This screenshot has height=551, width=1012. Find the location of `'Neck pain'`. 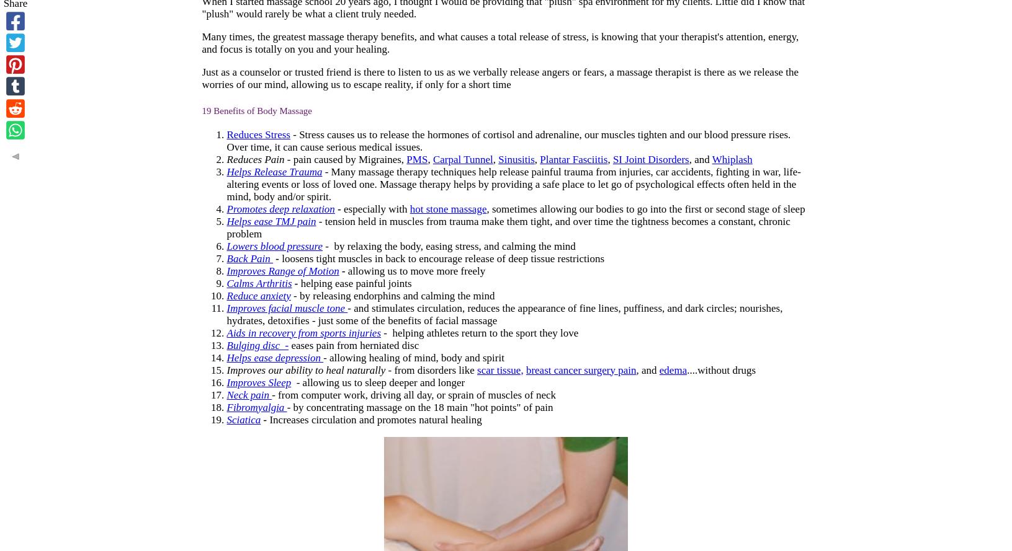

'Neck pain' is located at coordinates (226, 394).